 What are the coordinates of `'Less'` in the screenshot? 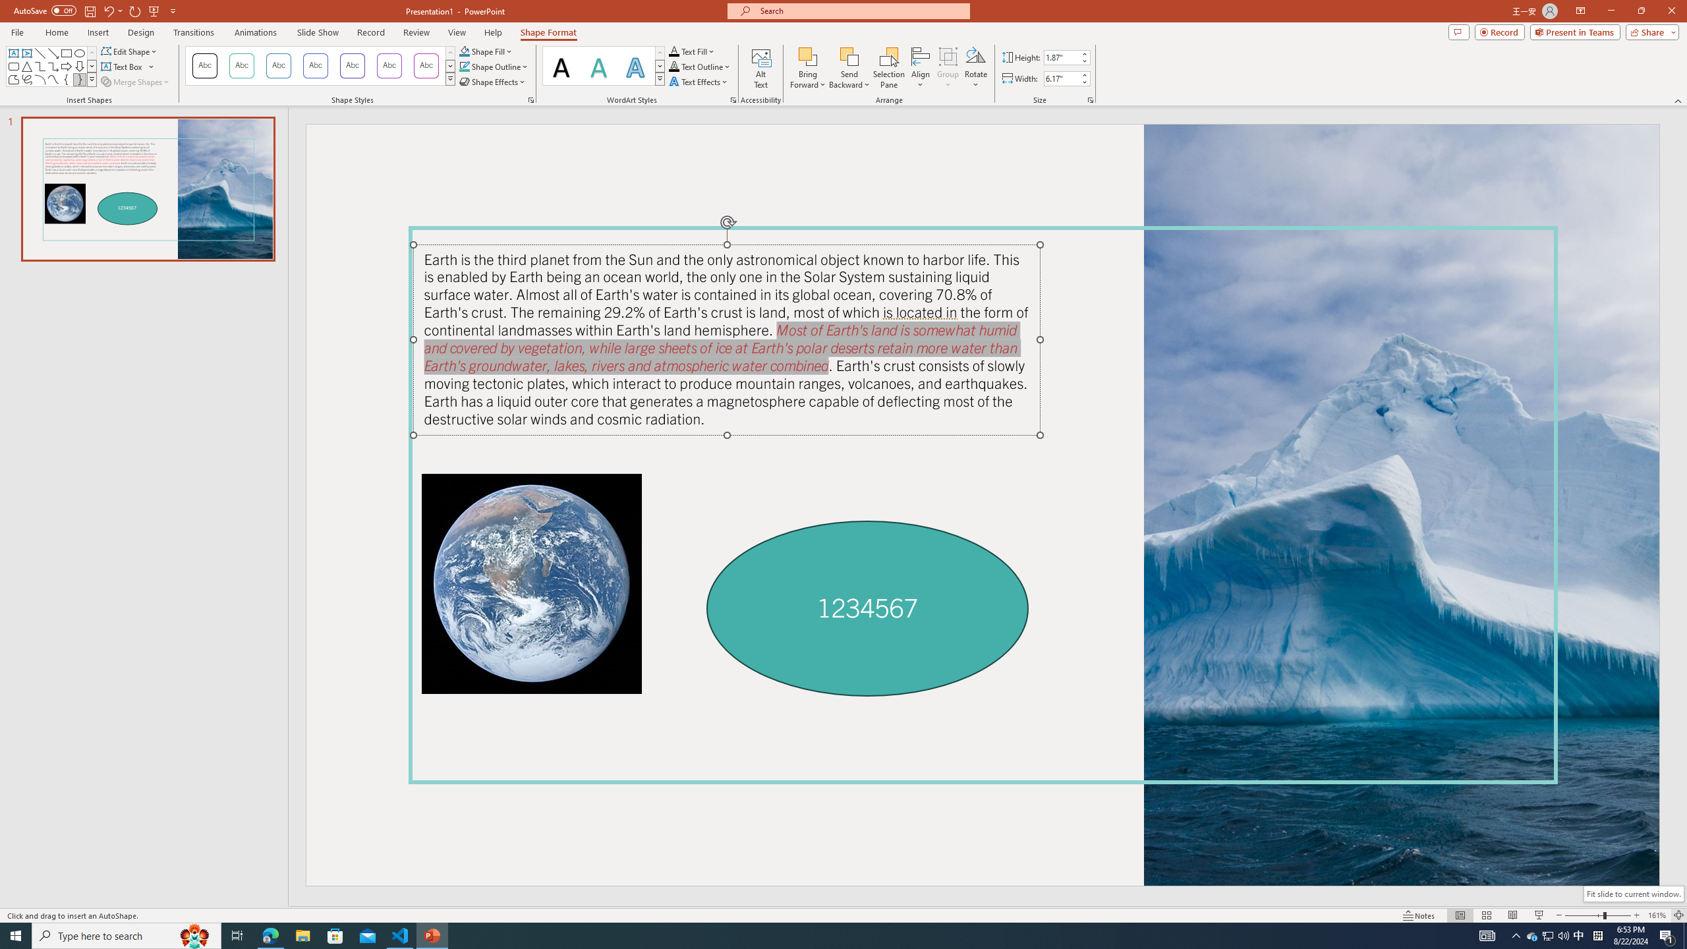 It's located at (1083, 81).